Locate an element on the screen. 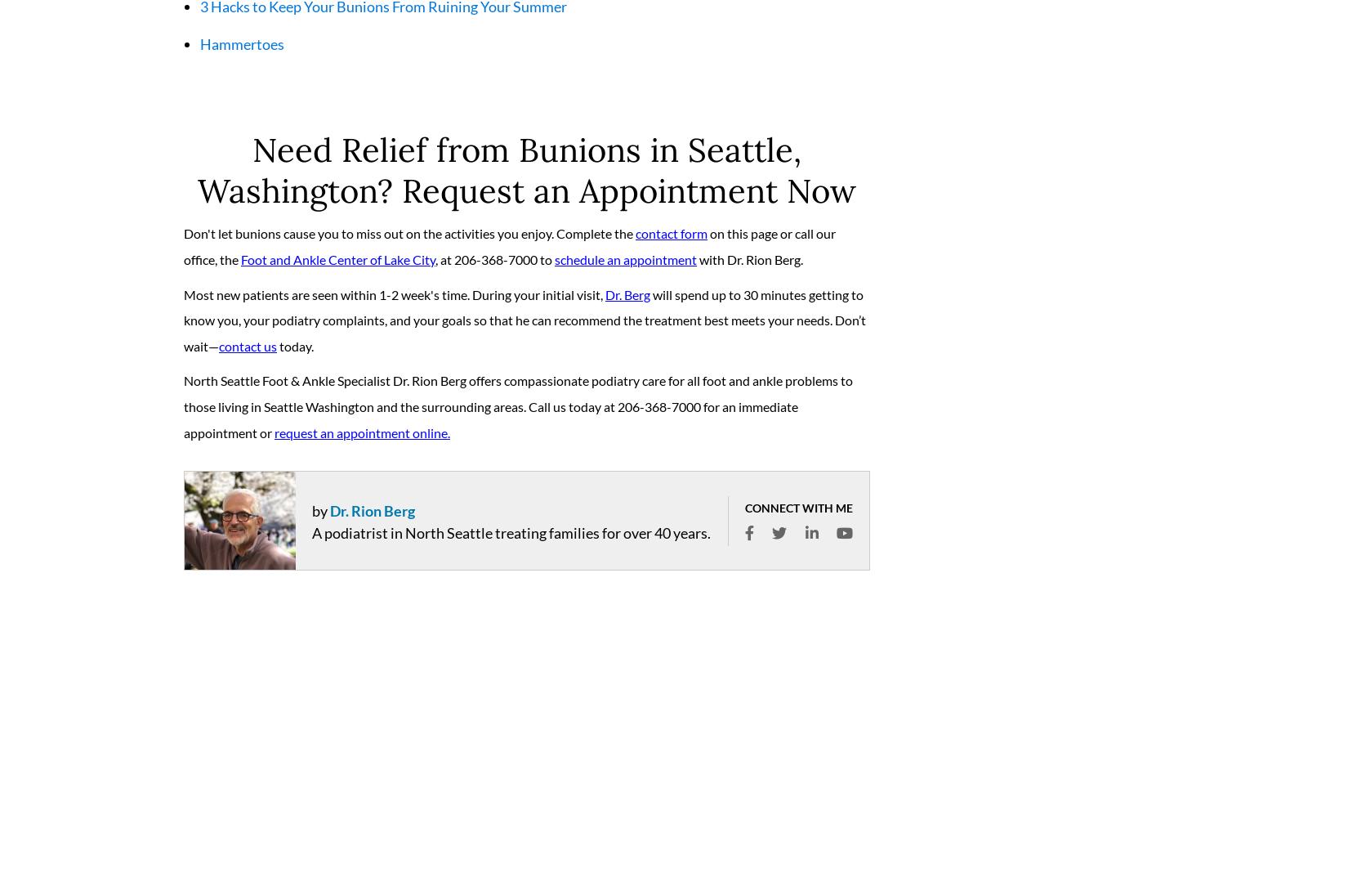 This screenshot has width=1348, height=873. 'will spend up to 30 minutes getting to know you, your podiatry complaints, and your goals so that he can recommend the treatment best meets your needs. Don’t wait—' is located at coordinates (524, 325).